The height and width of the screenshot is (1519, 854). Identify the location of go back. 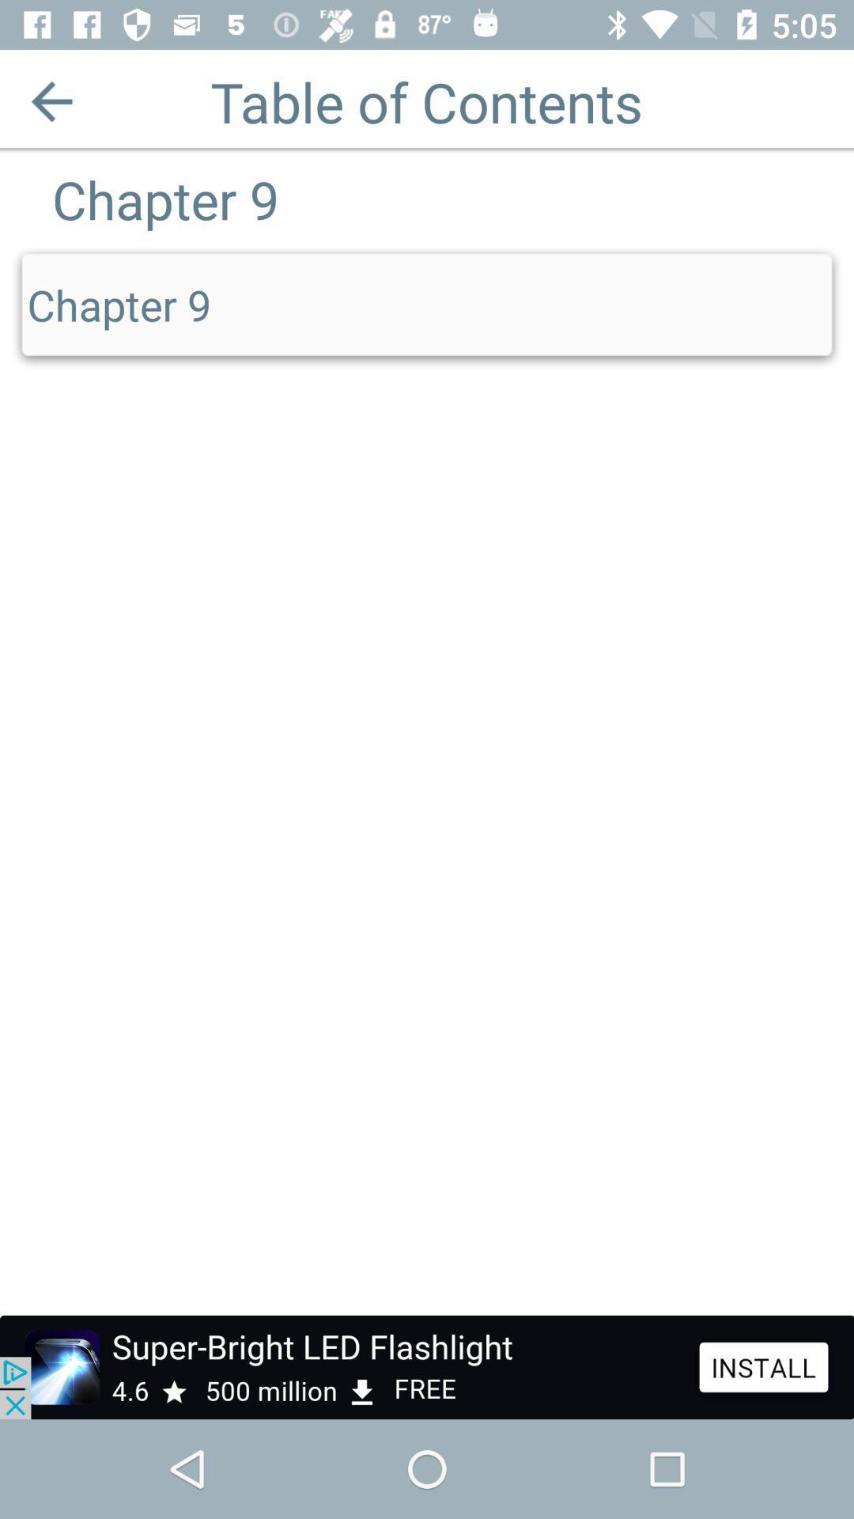
(51, 100).